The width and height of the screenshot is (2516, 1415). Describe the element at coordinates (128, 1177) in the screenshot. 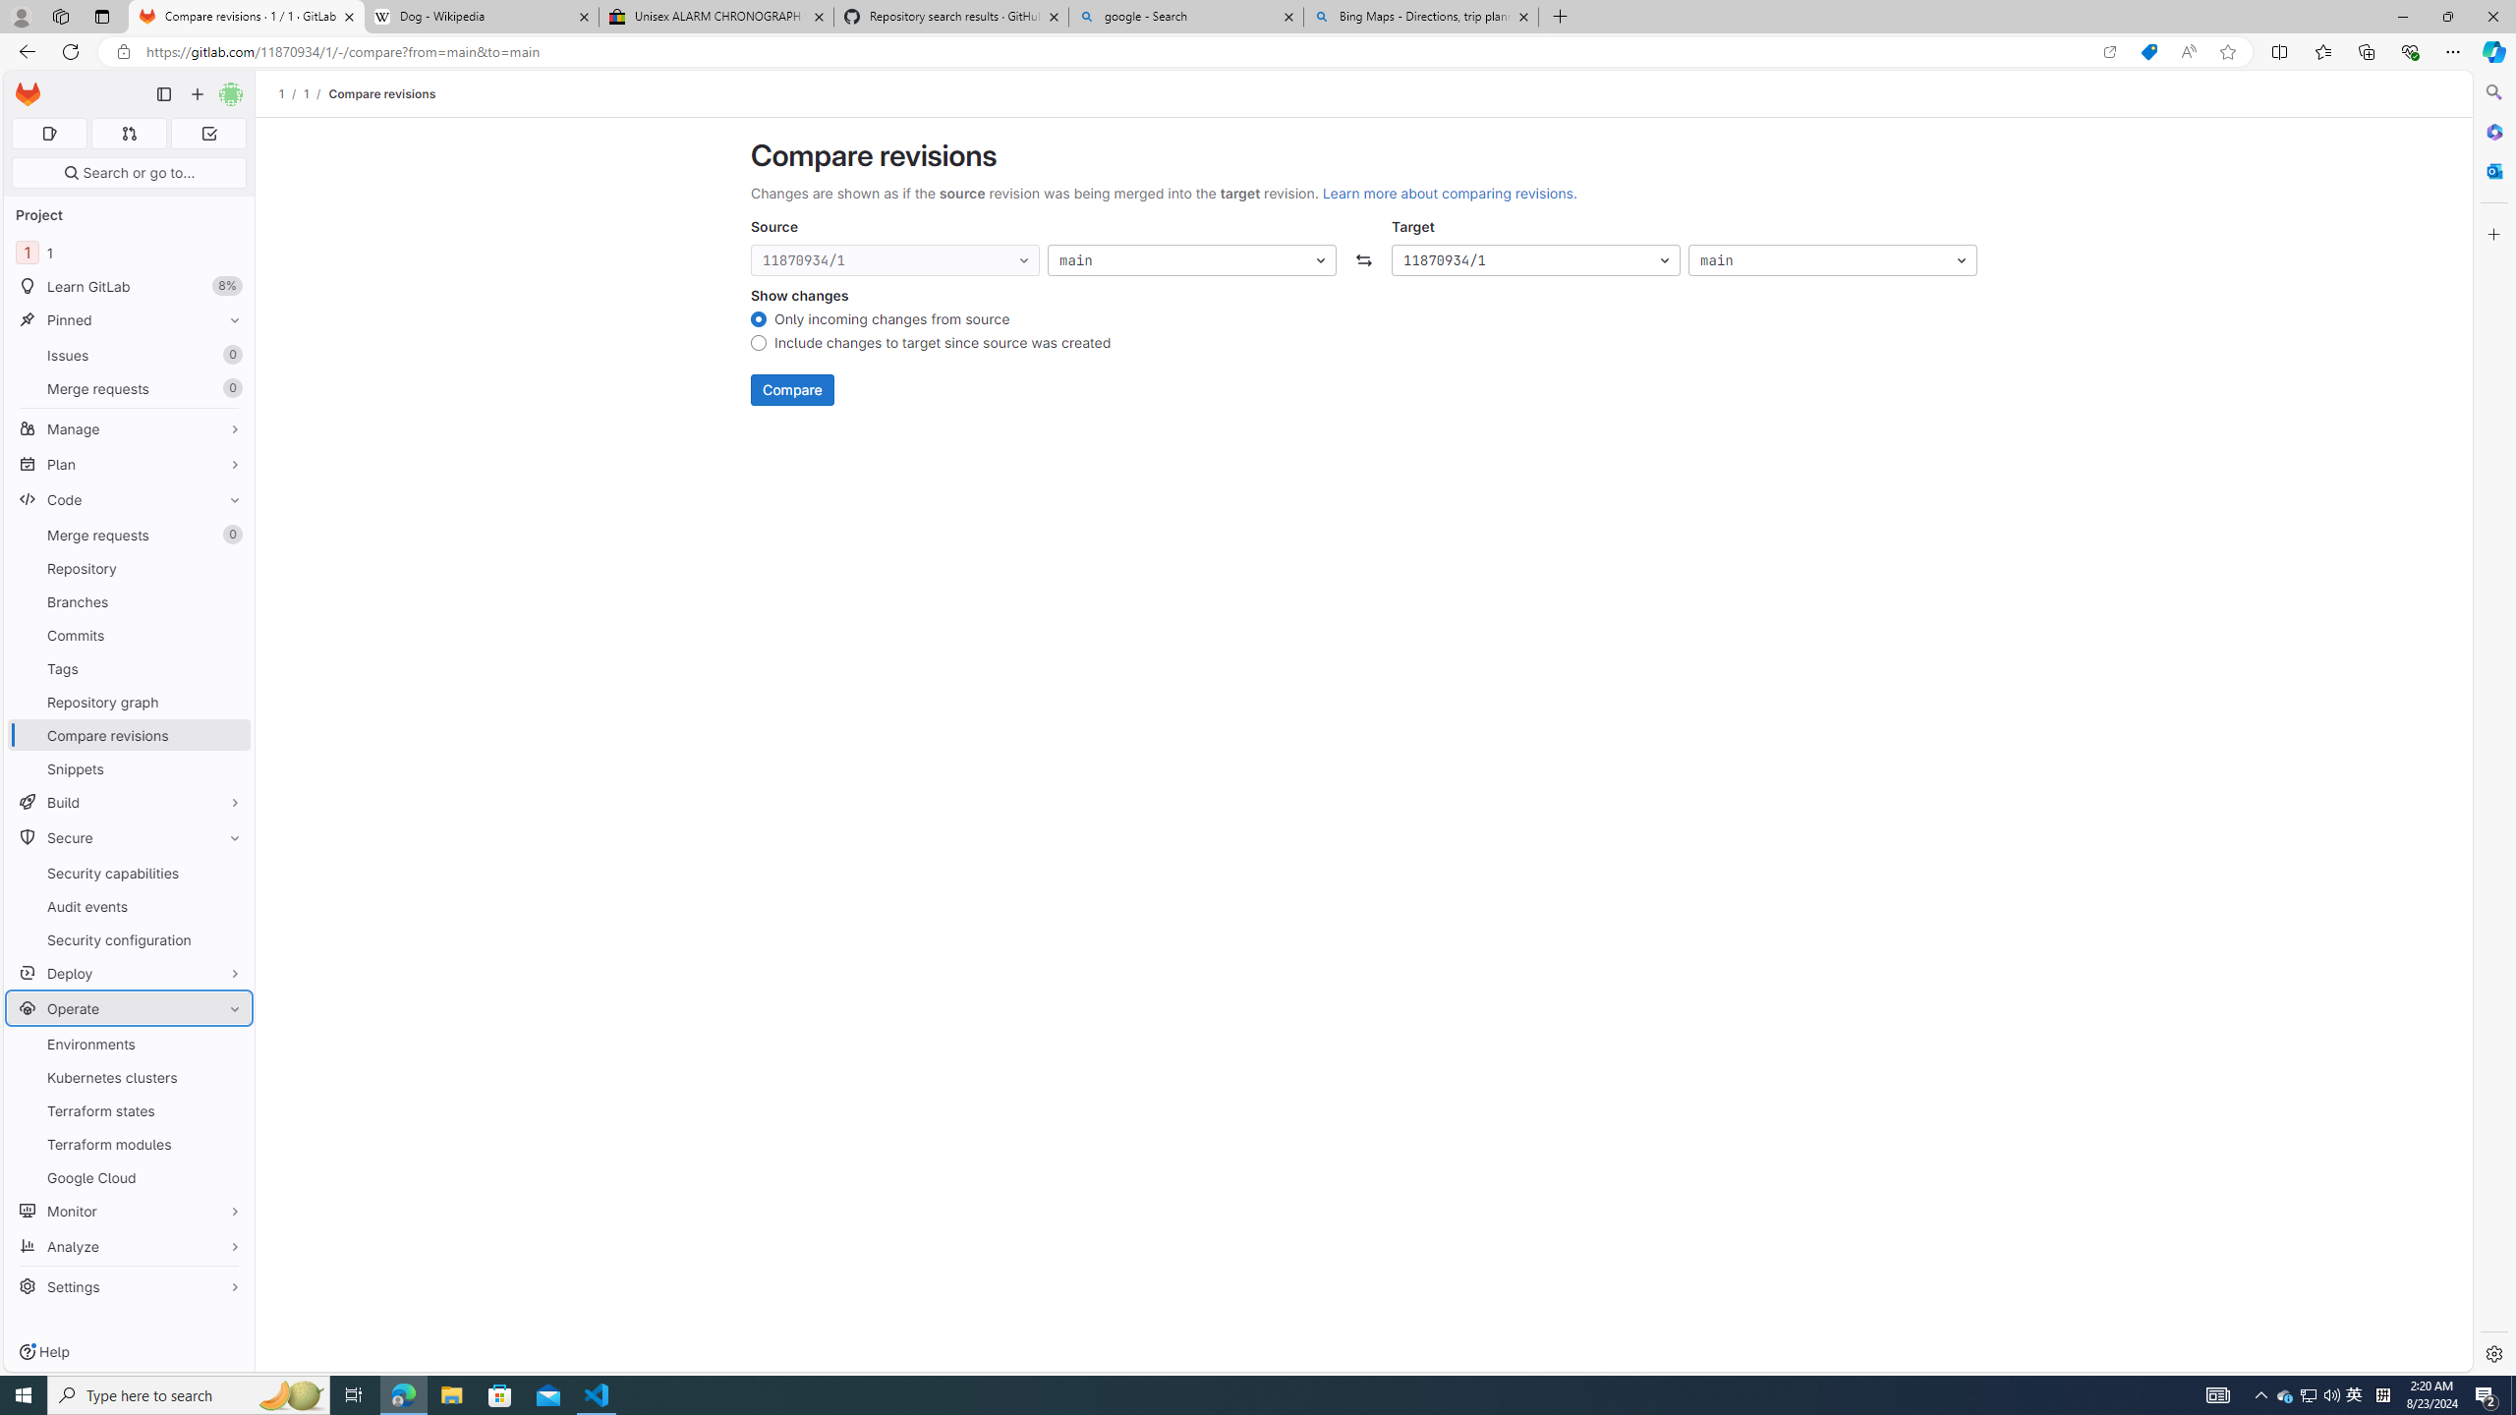

I see `'Google Cloud'` at that location.